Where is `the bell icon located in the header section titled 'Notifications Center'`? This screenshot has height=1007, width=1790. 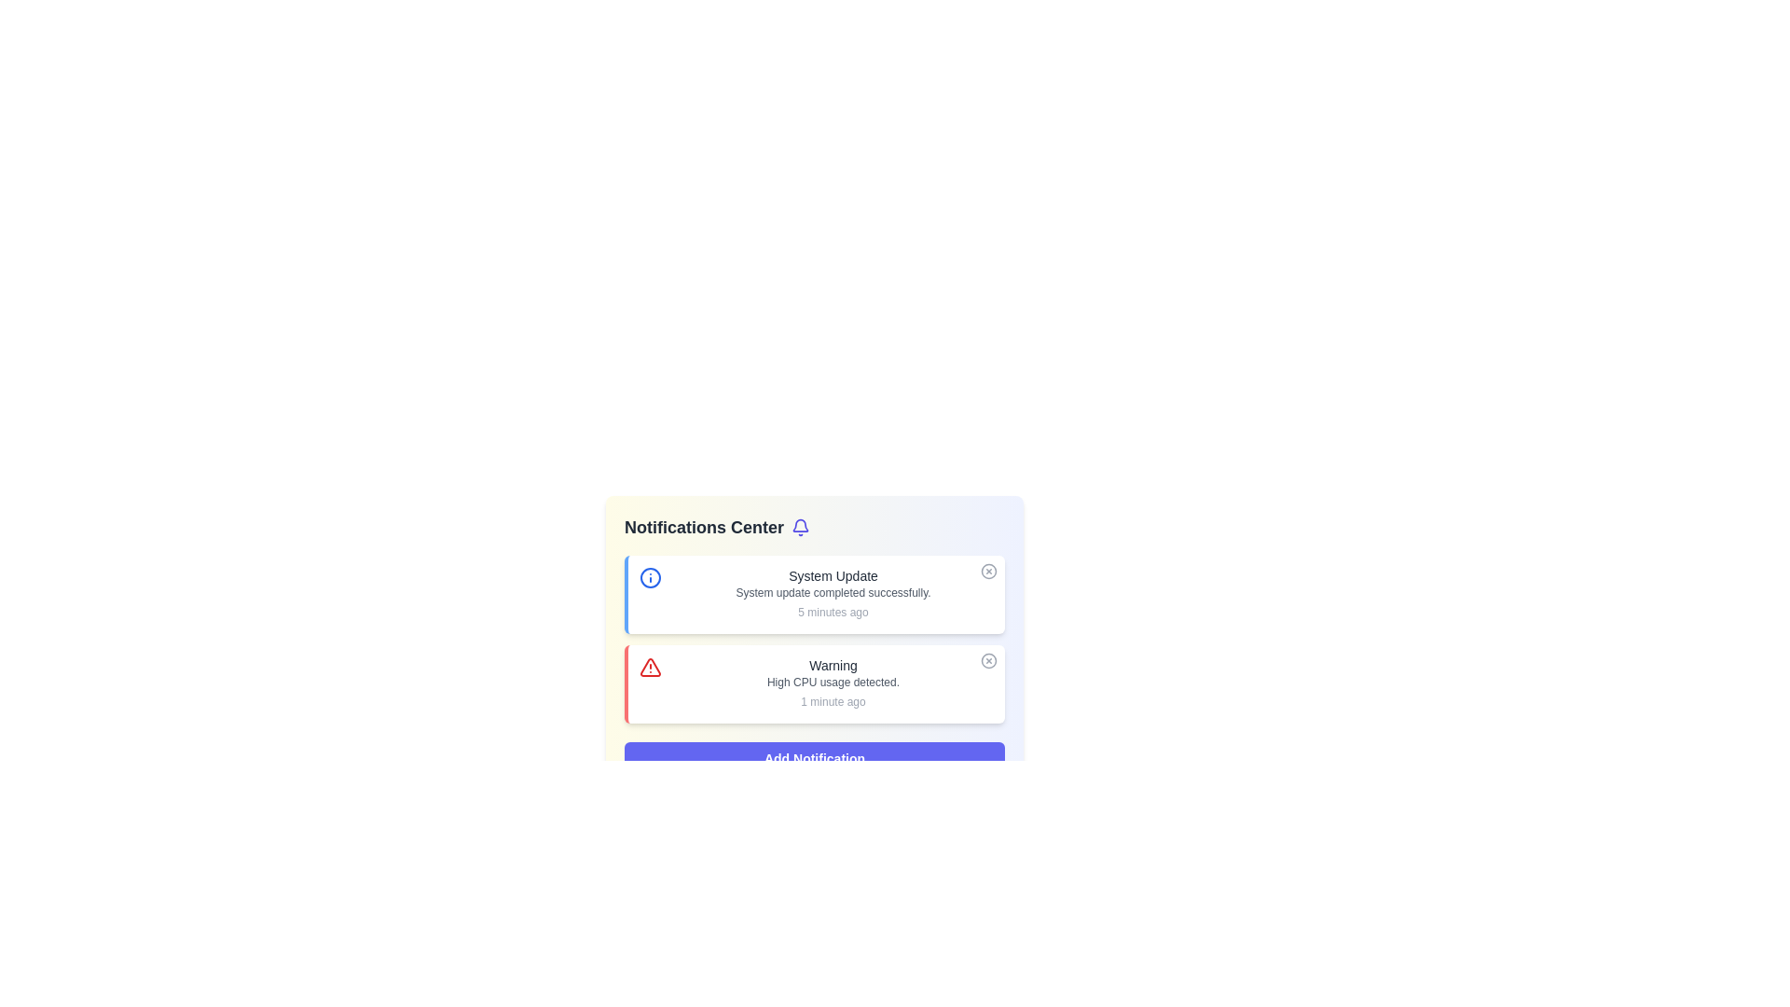 the bell icon located in the header section titled 'Notifications Center' is located at coordinates (801, 528).